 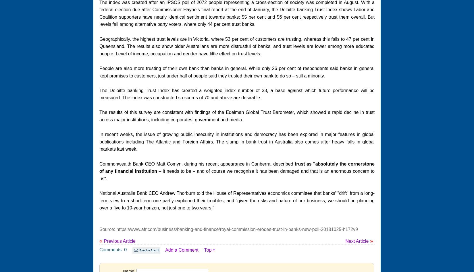 What do you see at coordinates (181, 249) in the screenshot?
I see `'Add a Comment'` at bounding box center [181, 249].